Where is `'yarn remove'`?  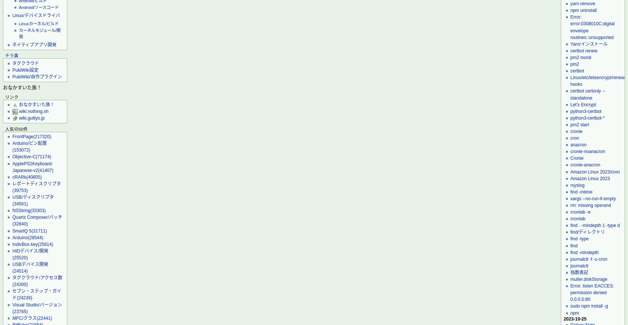
'yarn remove' is located at coordinates (570, 3).